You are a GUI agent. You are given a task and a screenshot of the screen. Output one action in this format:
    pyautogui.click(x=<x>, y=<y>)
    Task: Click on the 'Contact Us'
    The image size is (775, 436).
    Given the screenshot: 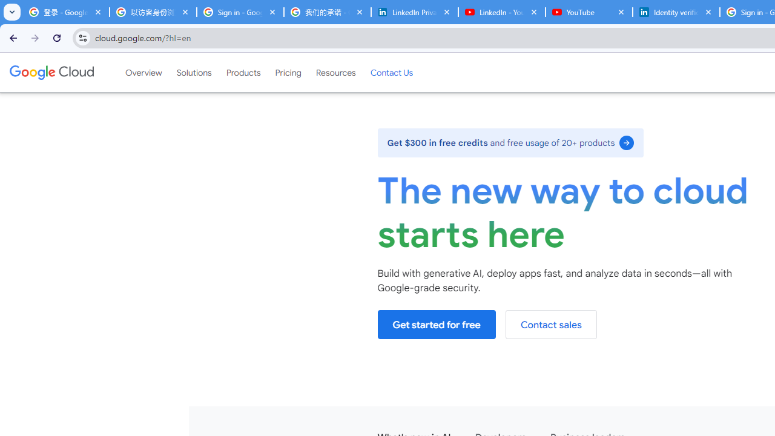 What is the action you would take?
    pyautogui.click(x=392, y=72)
    